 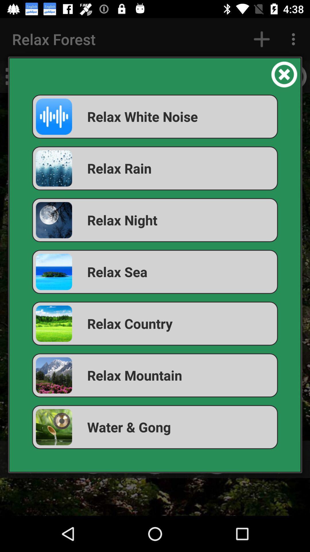 What do you see at coordinates (155, 271) in the screenshot?
I see `the relax sea` at bounding box center [155, 271].